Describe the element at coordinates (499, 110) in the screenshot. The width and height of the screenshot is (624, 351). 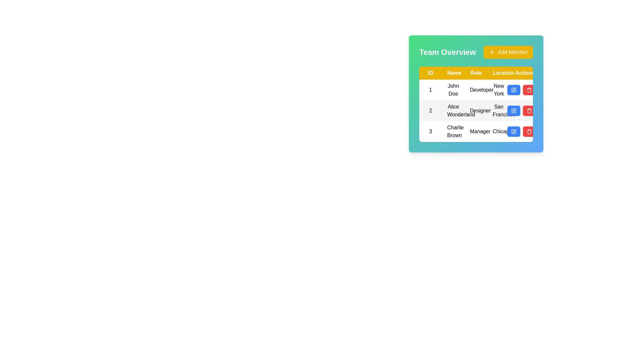
I see `the text element displaying 'San Francisco' located in the second row of the table within the 'Location' column` at that location.